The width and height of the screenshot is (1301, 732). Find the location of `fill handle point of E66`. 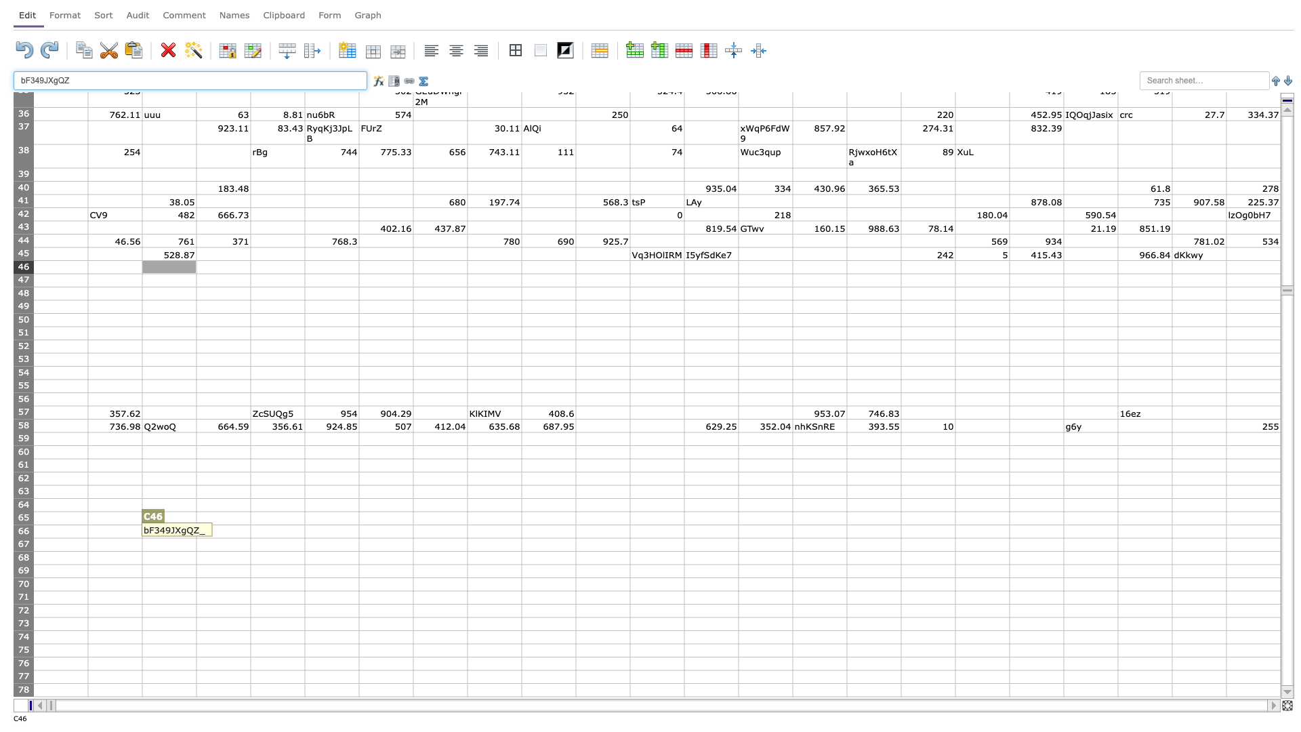

fill handle point of E66 is located at coordinates (304, 537).